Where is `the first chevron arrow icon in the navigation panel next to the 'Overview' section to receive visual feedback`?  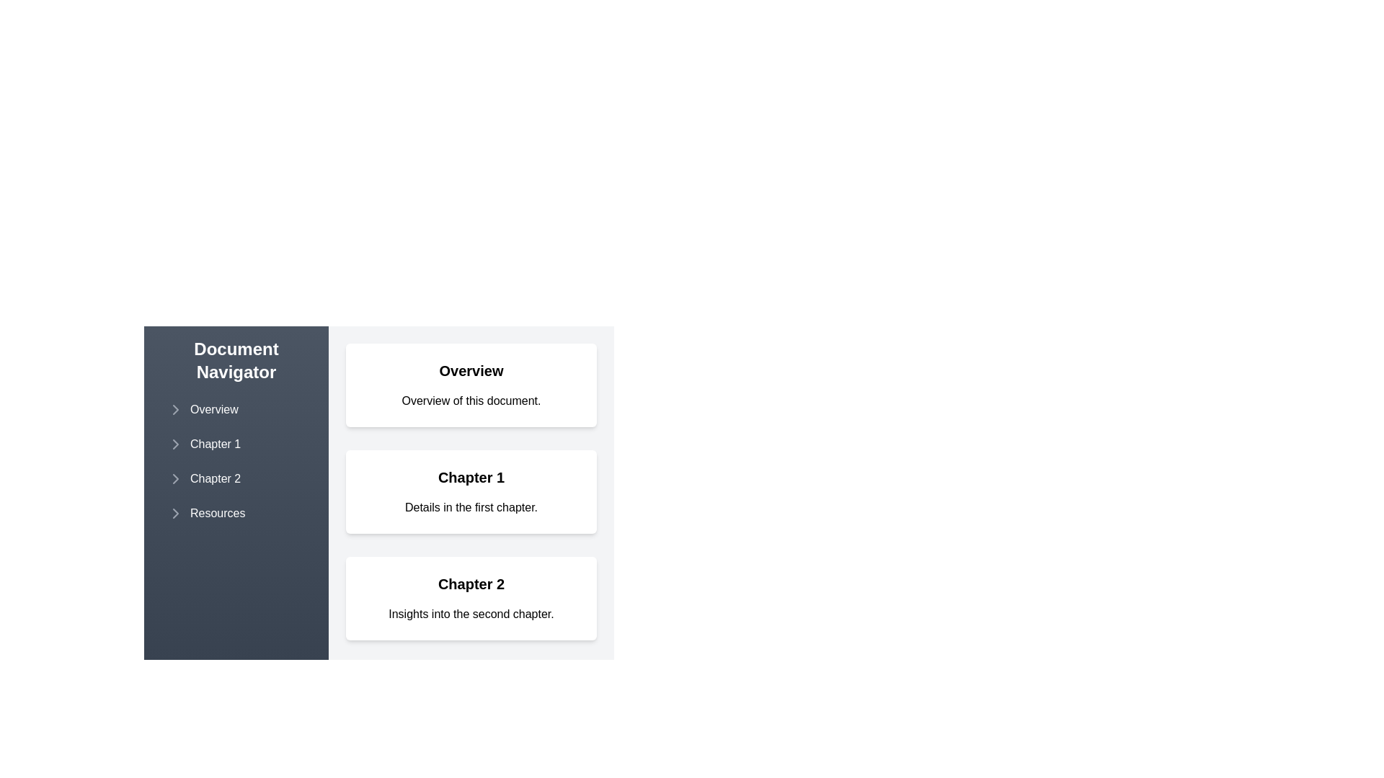
the first chevron arrow icon in the navigation panel next to the 'Overview' section to receive visual feedback is located at coordinates (175, 410).